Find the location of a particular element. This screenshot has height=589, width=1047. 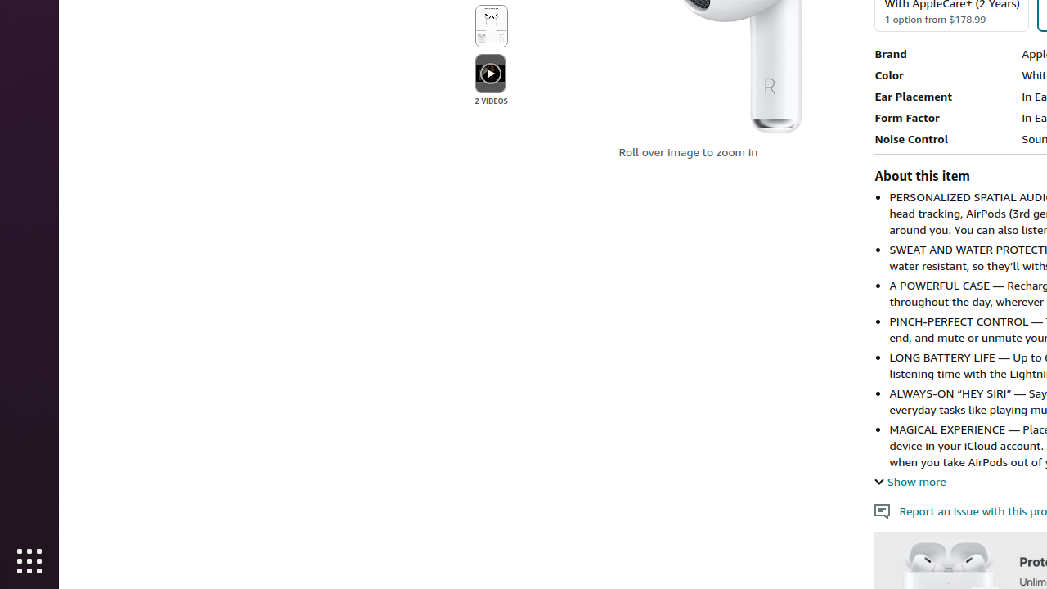

'Show more' is located at coordinates (909, 480).